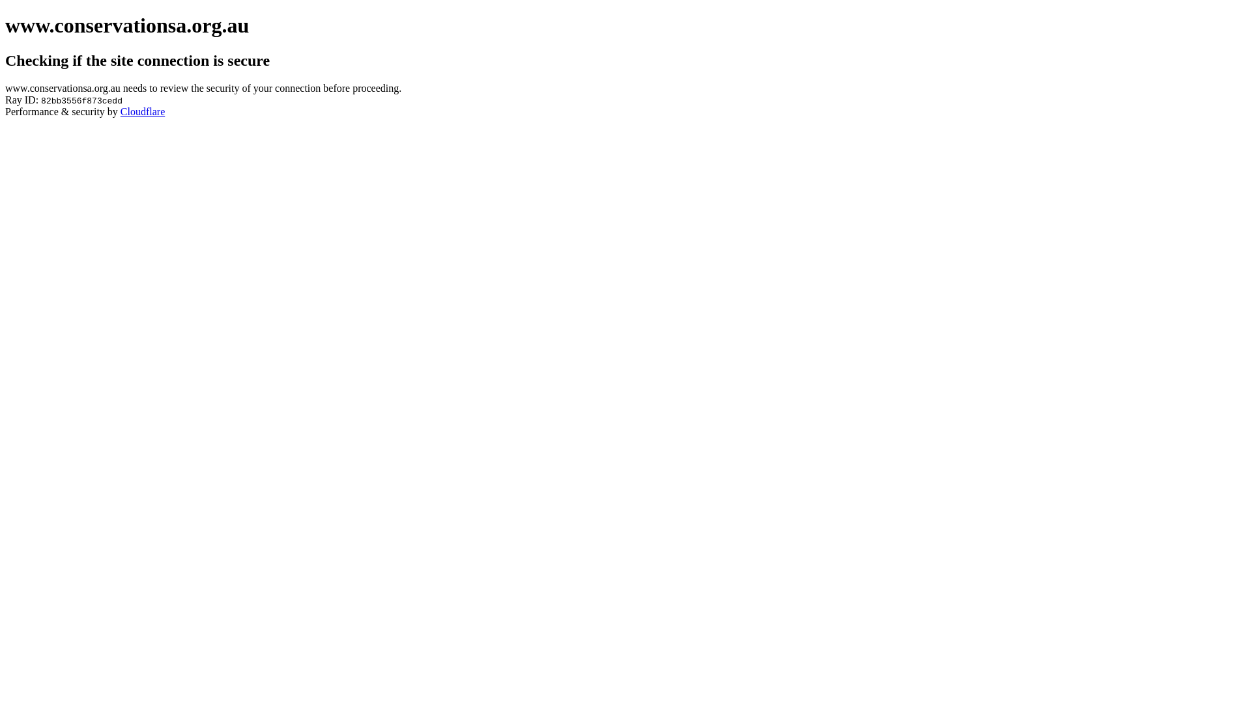 This screenshot has height=703, width=1251. What do you see at coordinates (143, 111) in the screenshot?
I see `'Cloudflare'` at bounding box center [143, 111].